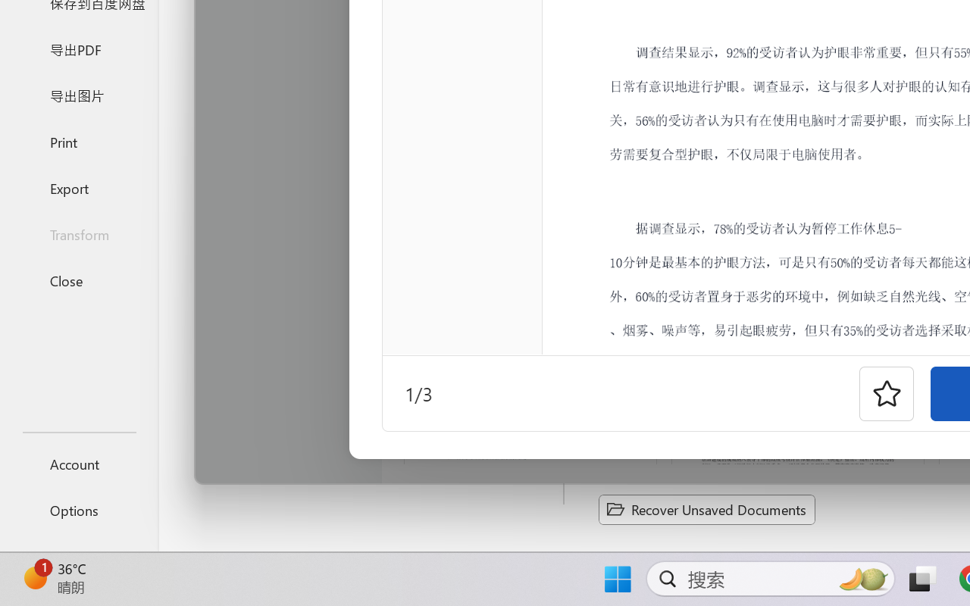 The width and height of the screenshot is (970, 606). What do you see at coordinates (78, 187) in the screenshot?
I see `'Export'` at bounding box center [78, 187].